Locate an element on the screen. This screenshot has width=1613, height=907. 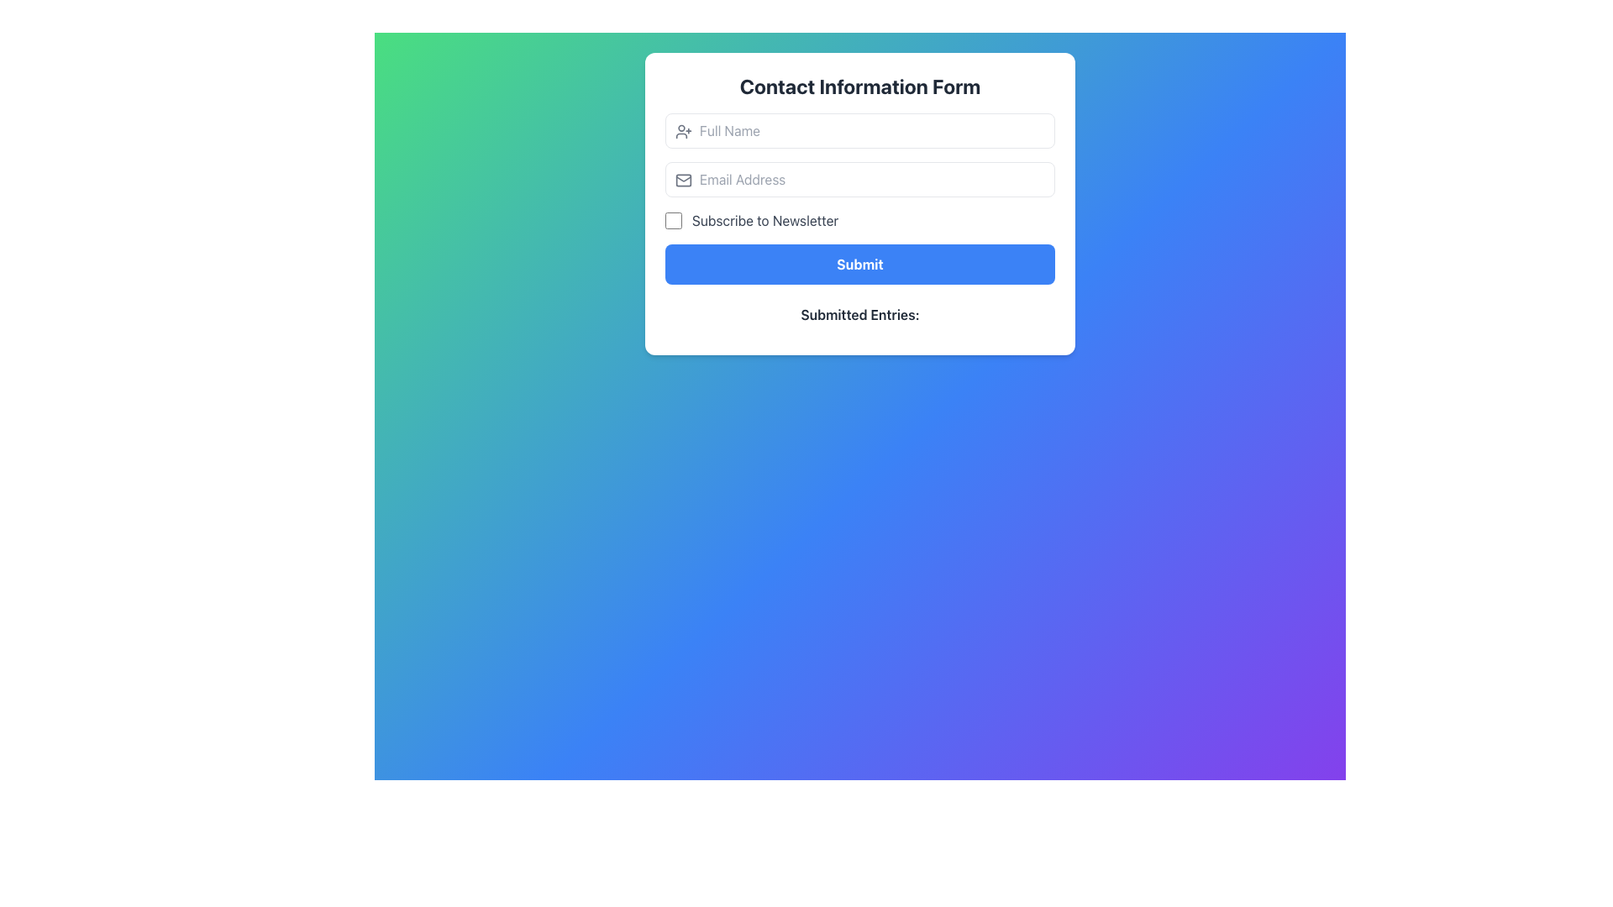
the submission button located at the bottom of the form to change its color is located at coordinates (859, 265).